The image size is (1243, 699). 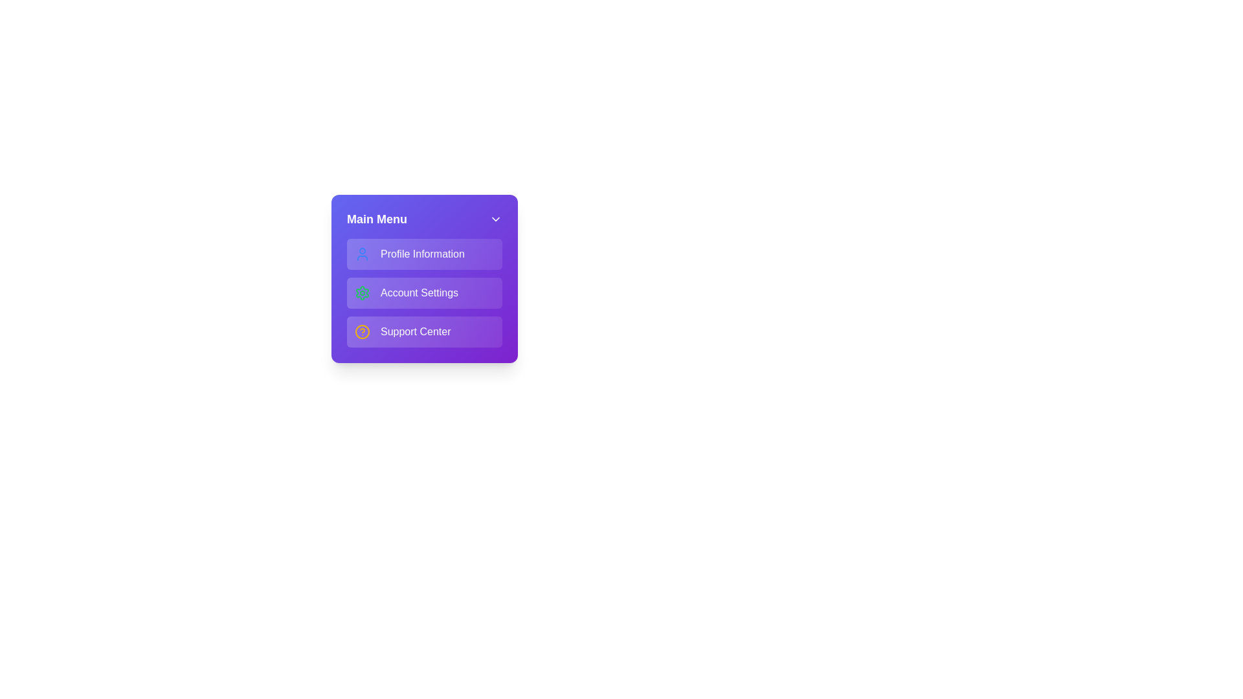 I want to click on the menu item Account Settings to see visual feedback, so click(x=425, y=293).